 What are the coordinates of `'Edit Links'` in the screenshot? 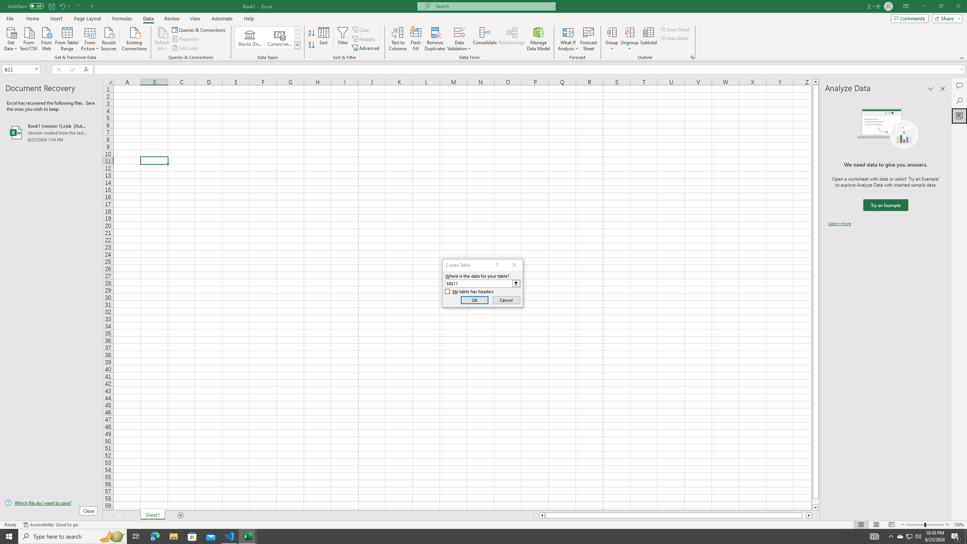 It's located at (185, 48).